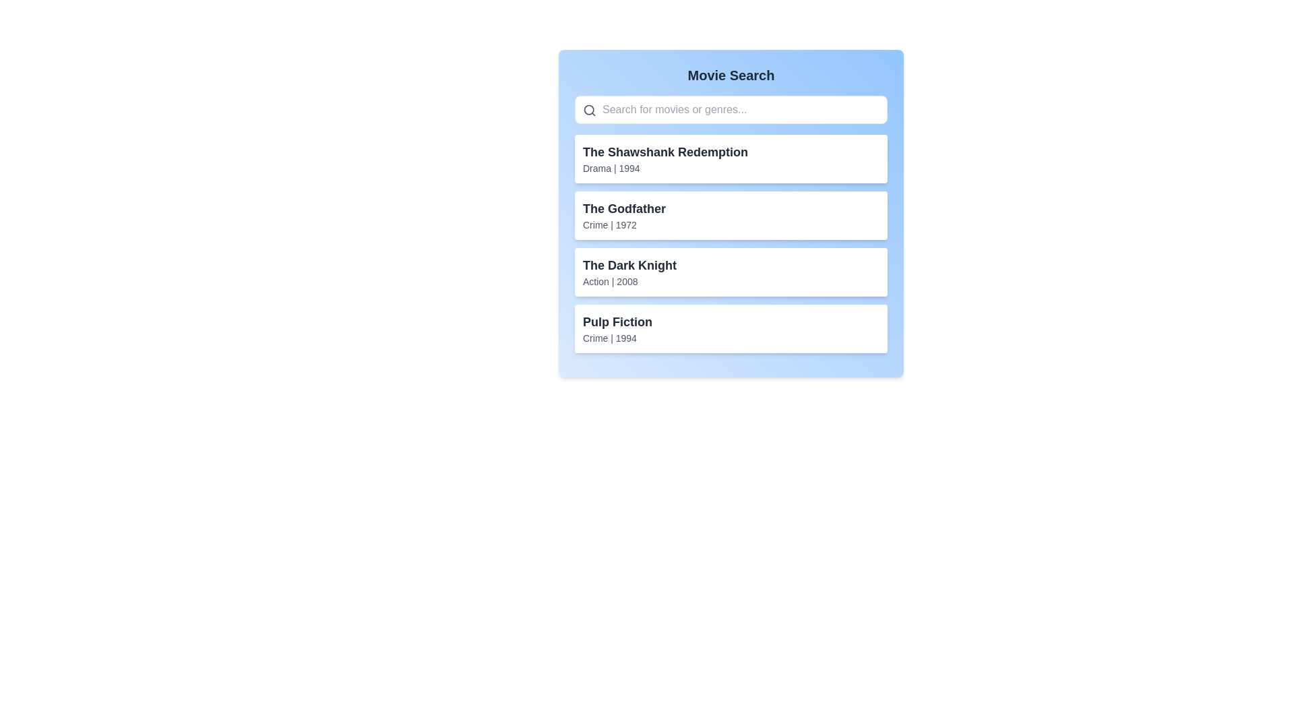 This screenshot has width=1294, height=728. What do you see at coordinates (730, 212) in the screenshot?
I see `the movie selection option titled 'The Godfather' in the vertical list under 'Movie Search'` at bounding box center [730, 212].